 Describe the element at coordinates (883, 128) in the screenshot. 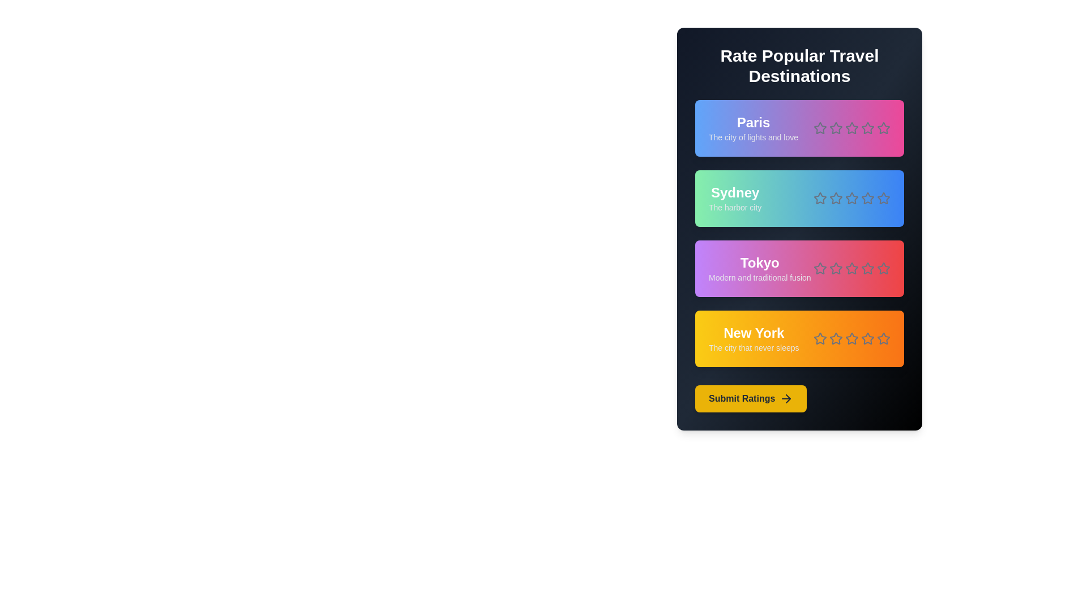

I see `the rating for a destination to 5 stars` at that location.